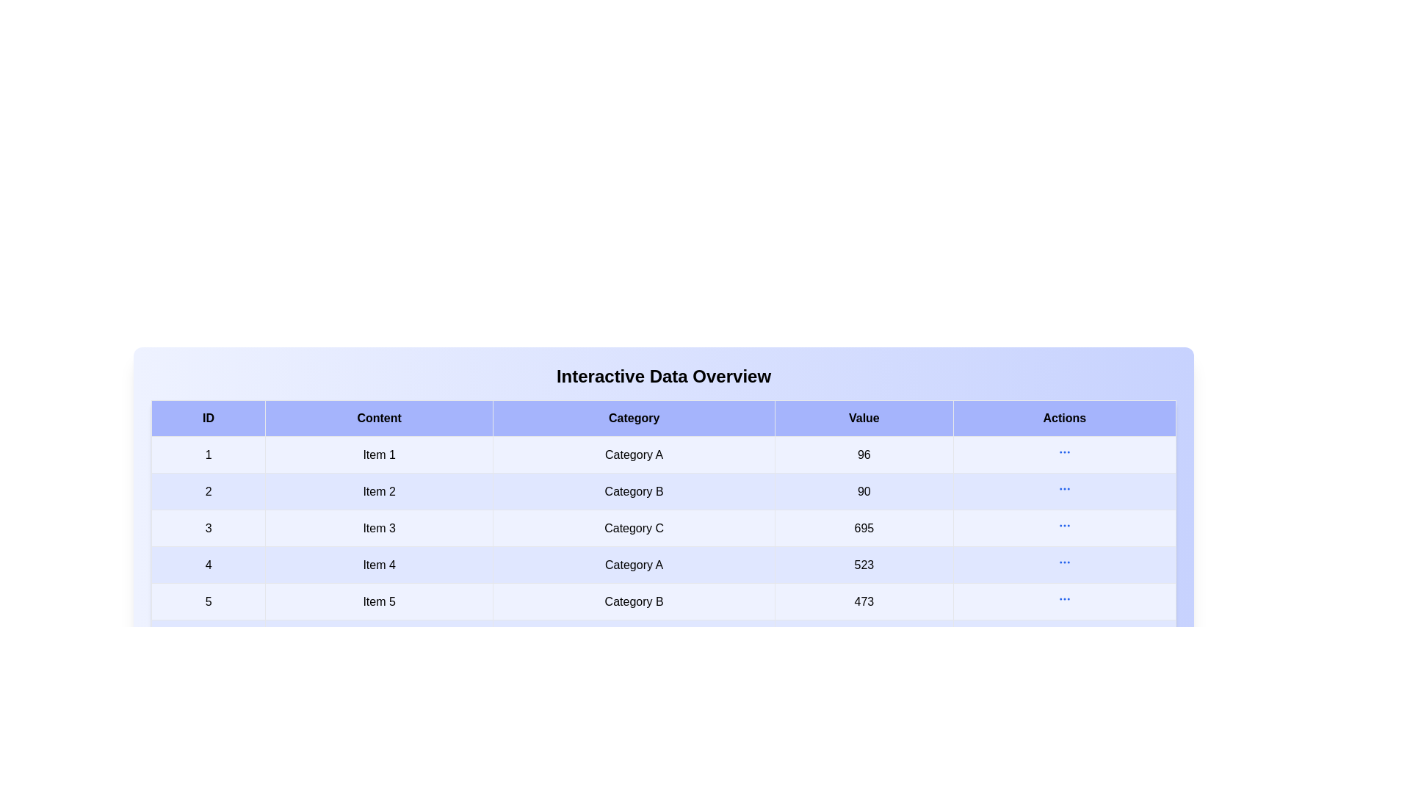  Describe the element at coordinates (1064, 599) in the screenshot. I see `action button in row 5 to view additional details` at that location.